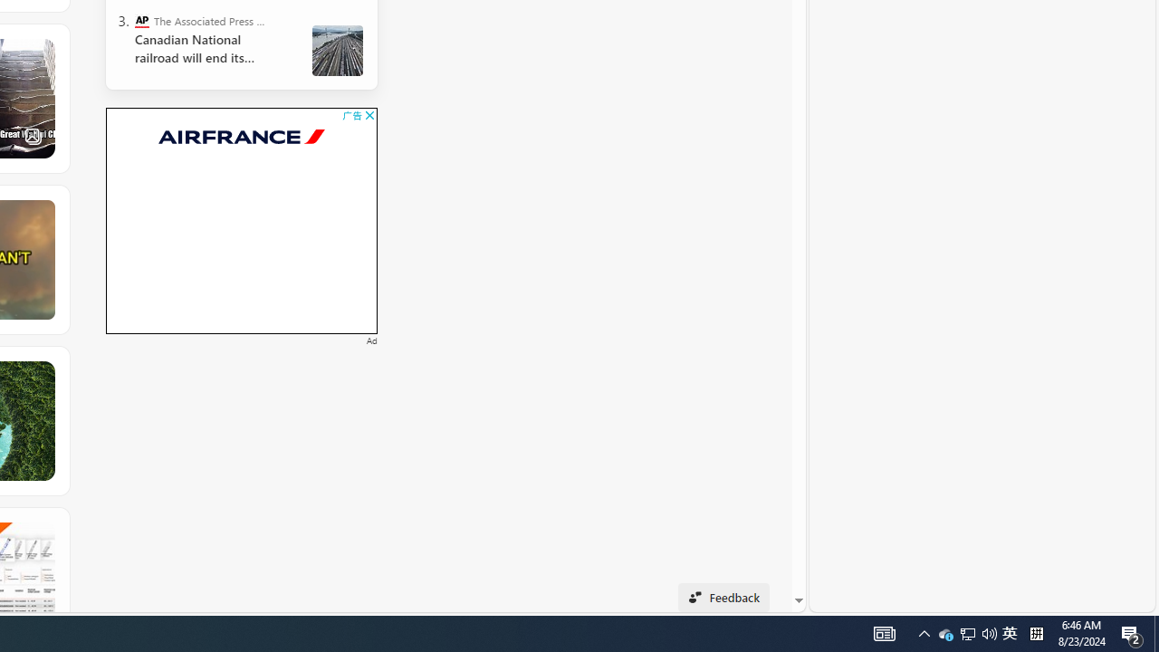  I want to click on 'The Associated Press - Business News', so click(140, 21).